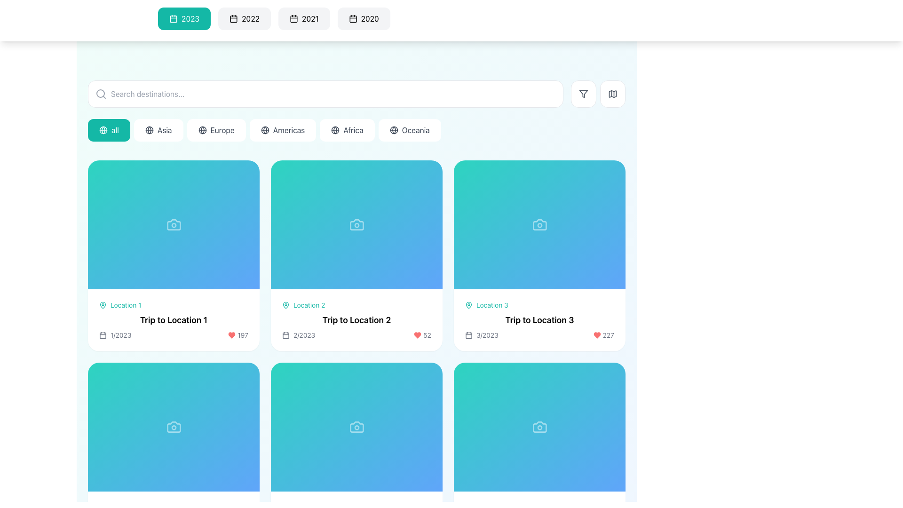 The height and width of the screenshot is (508, 903). What do you see at coordinates (234, 18) in the screenshot?
I see `the calendar icon located to the left of the text '2022' in the horizontal row of year tabs` at bounding box center [234, 18].